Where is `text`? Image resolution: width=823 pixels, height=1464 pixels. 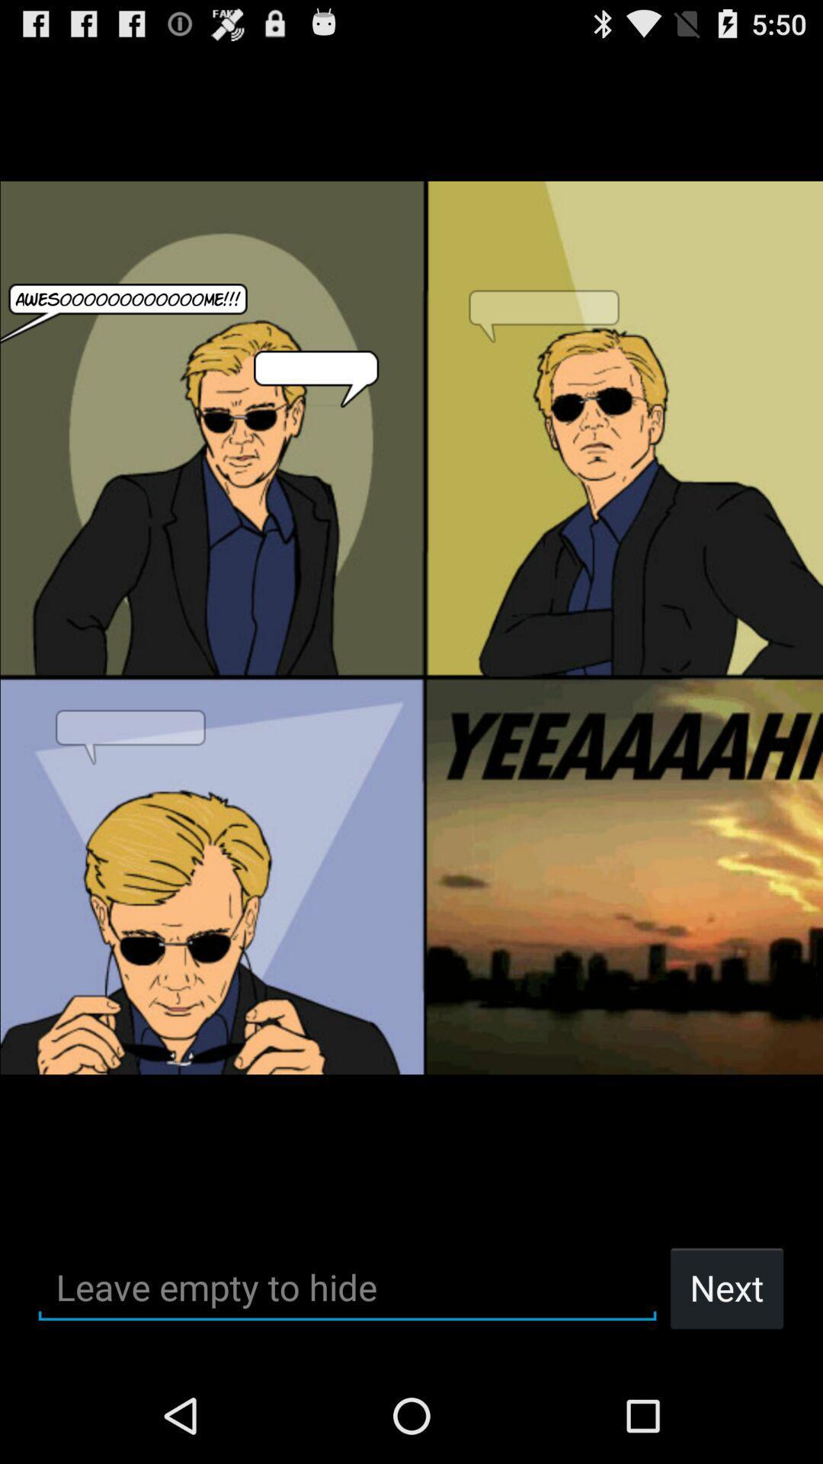 text is located at coordinates (347, 1287).